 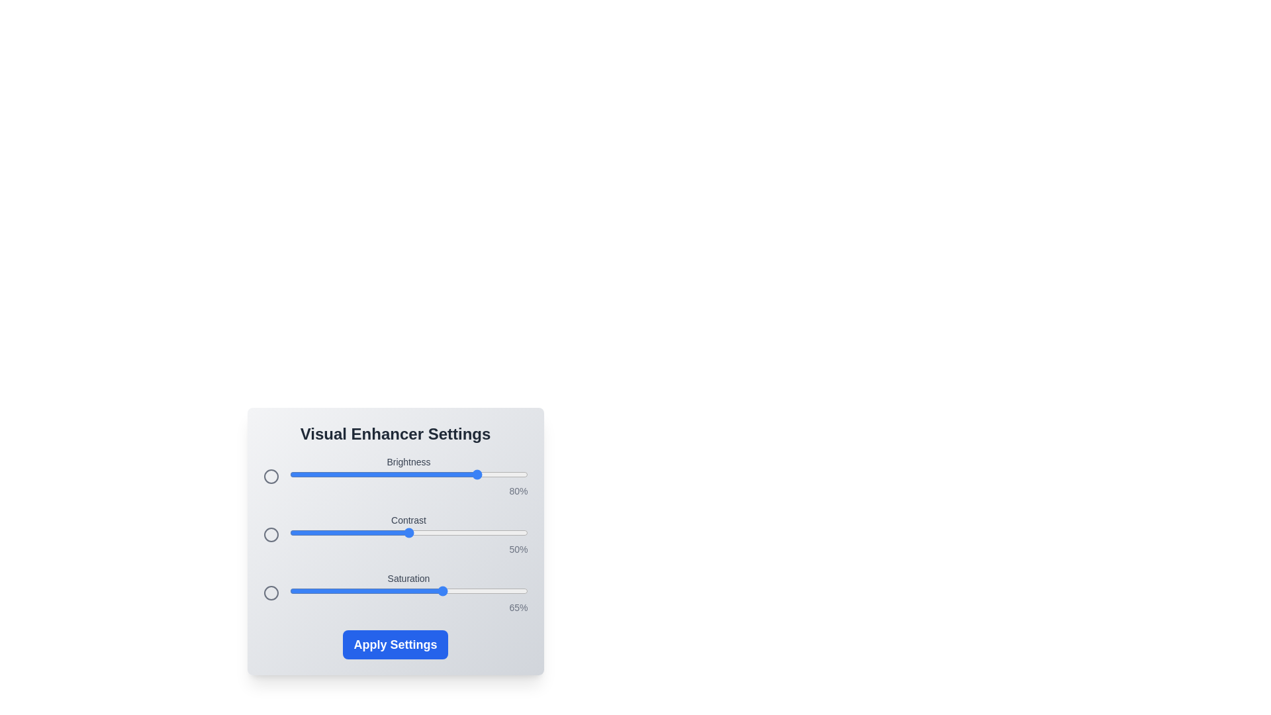 What do you see at coordinates (356, 532) in the screenshot?
I see `the 1 slider to 28%` at bounding box center [356, 532].